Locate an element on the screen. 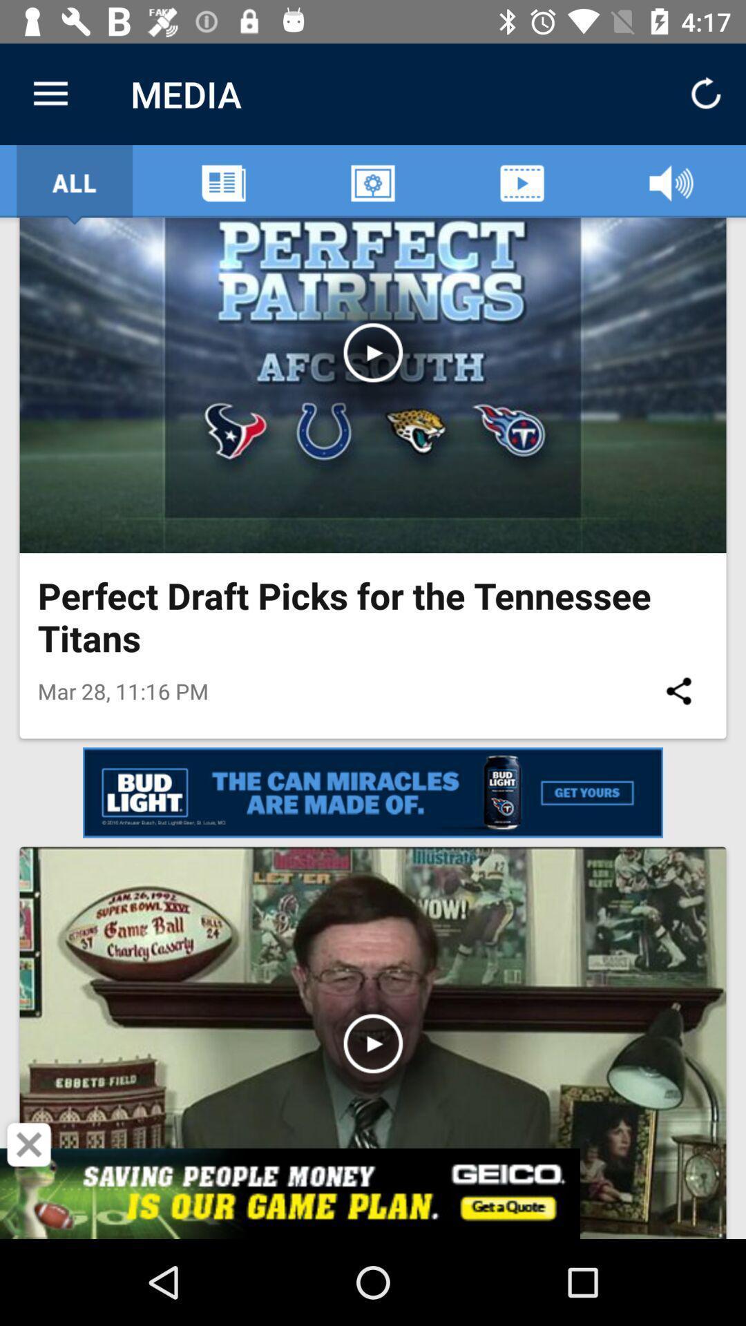  icon at the bottom left corner is located at coordinates (29, 1144).